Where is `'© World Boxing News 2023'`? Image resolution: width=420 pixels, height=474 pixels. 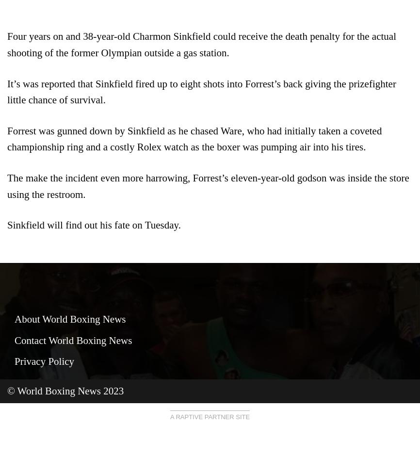 '© World Boxing News 2023' is located at coordinates (65, 391).